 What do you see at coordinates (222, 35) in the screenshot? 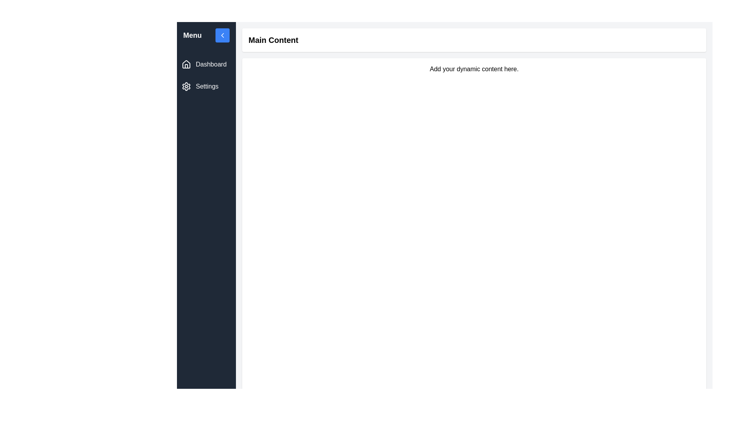
I see `the navigation button located in the top-right corner of the vertical menu section next to the text 'Menu' for visual feedback` at bounding box center [222, 35].